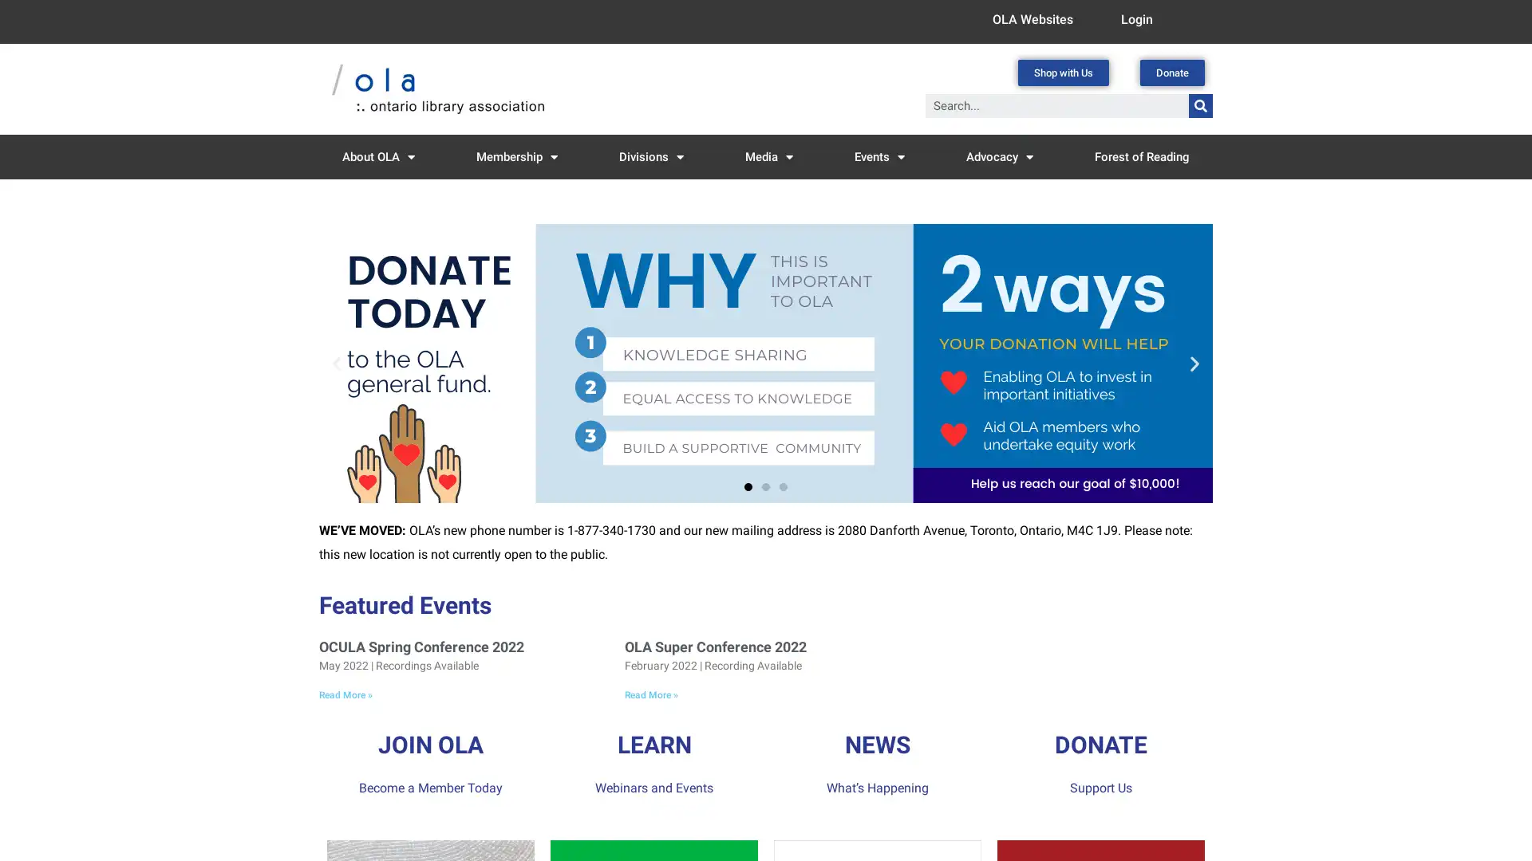 Image resolution: width=1532 pixels, height=861 pixels. I want to click on Go to slide 3, so click(784, 486).